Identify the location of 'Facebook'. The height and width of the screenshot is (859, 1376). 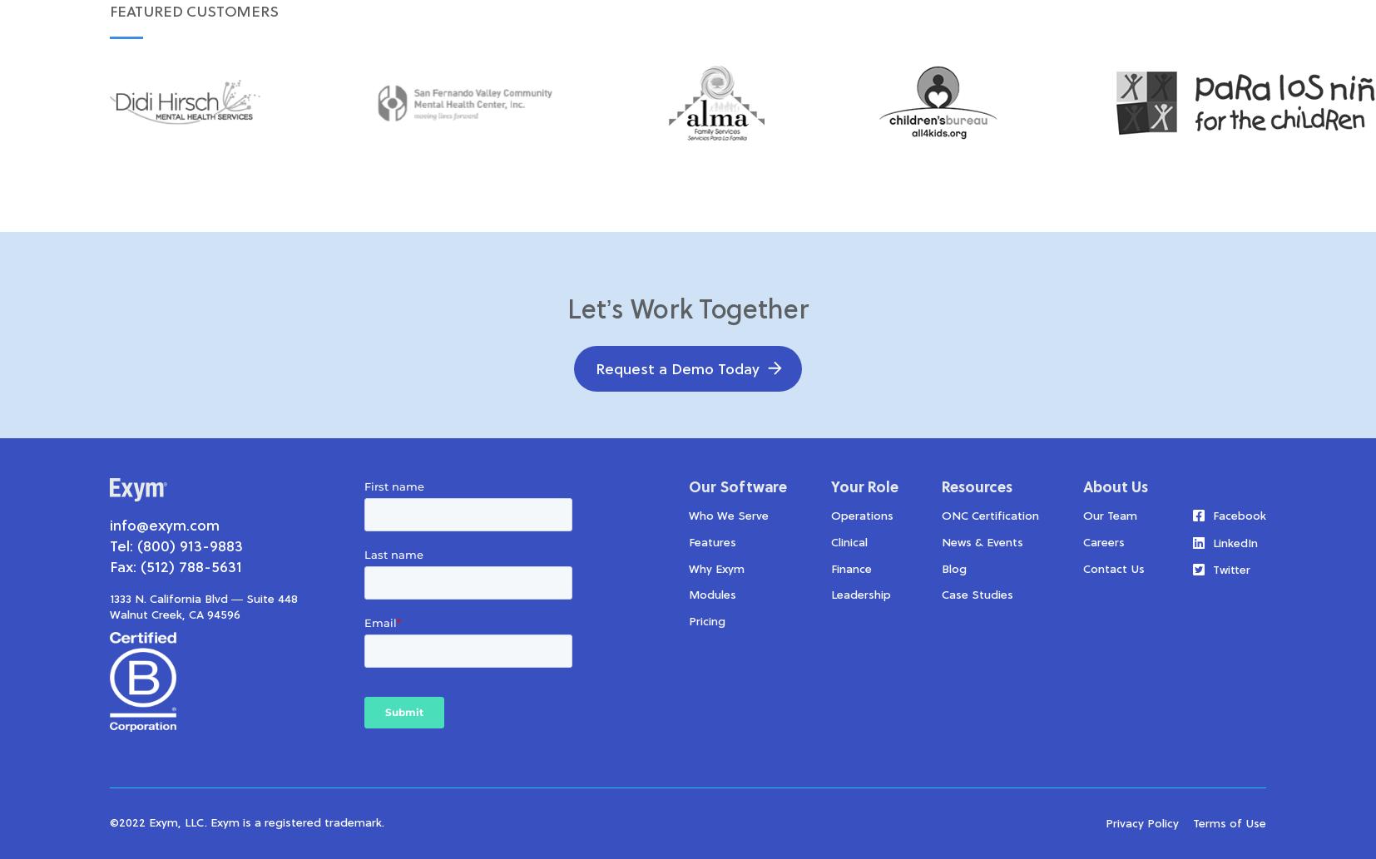
(1239, 516).